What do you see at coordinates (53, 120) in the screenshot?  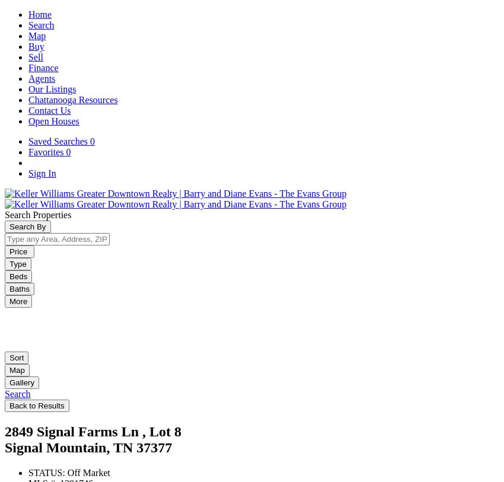 I see `'Open Houses'` at bounding box center [53, 120].